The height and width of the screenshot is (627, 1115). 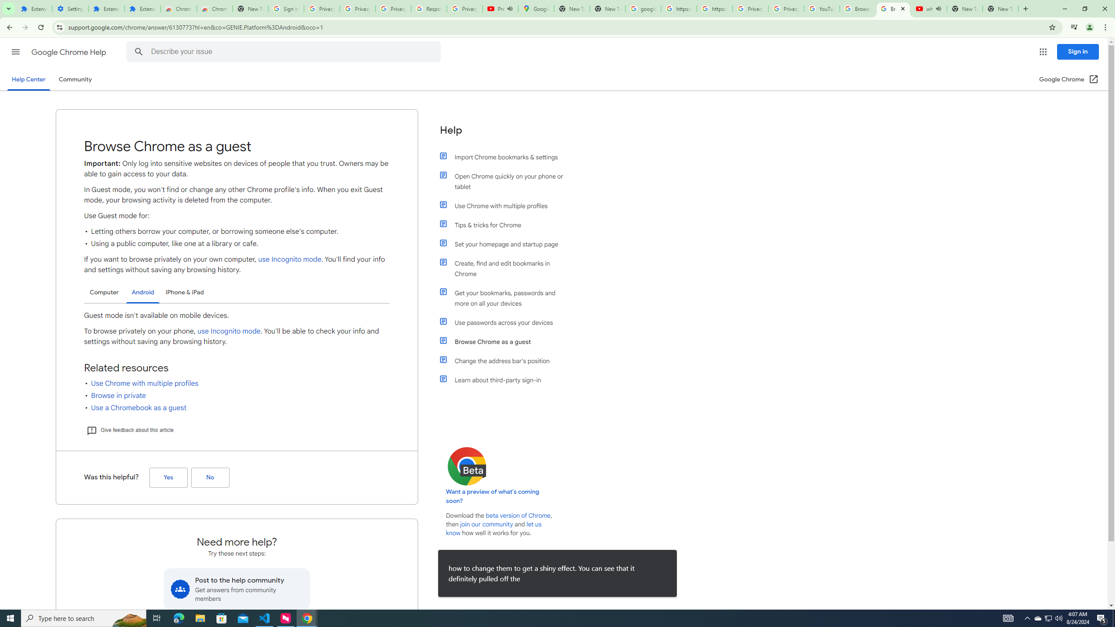 What do you see at coordinates (506, 243) in the screenshot?
I see `'Set your homepage and startup page'` at bounding box center [506, 243].